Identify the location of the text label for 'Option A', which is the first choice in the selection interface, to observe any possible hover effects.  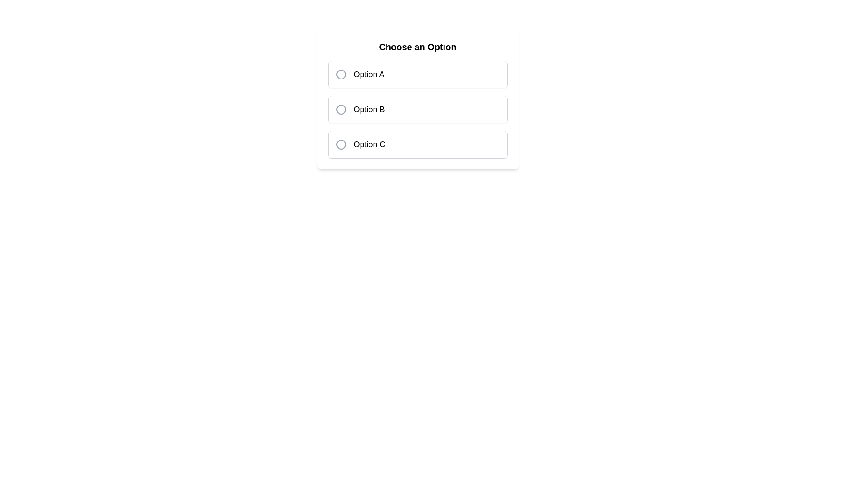
(369, 74).